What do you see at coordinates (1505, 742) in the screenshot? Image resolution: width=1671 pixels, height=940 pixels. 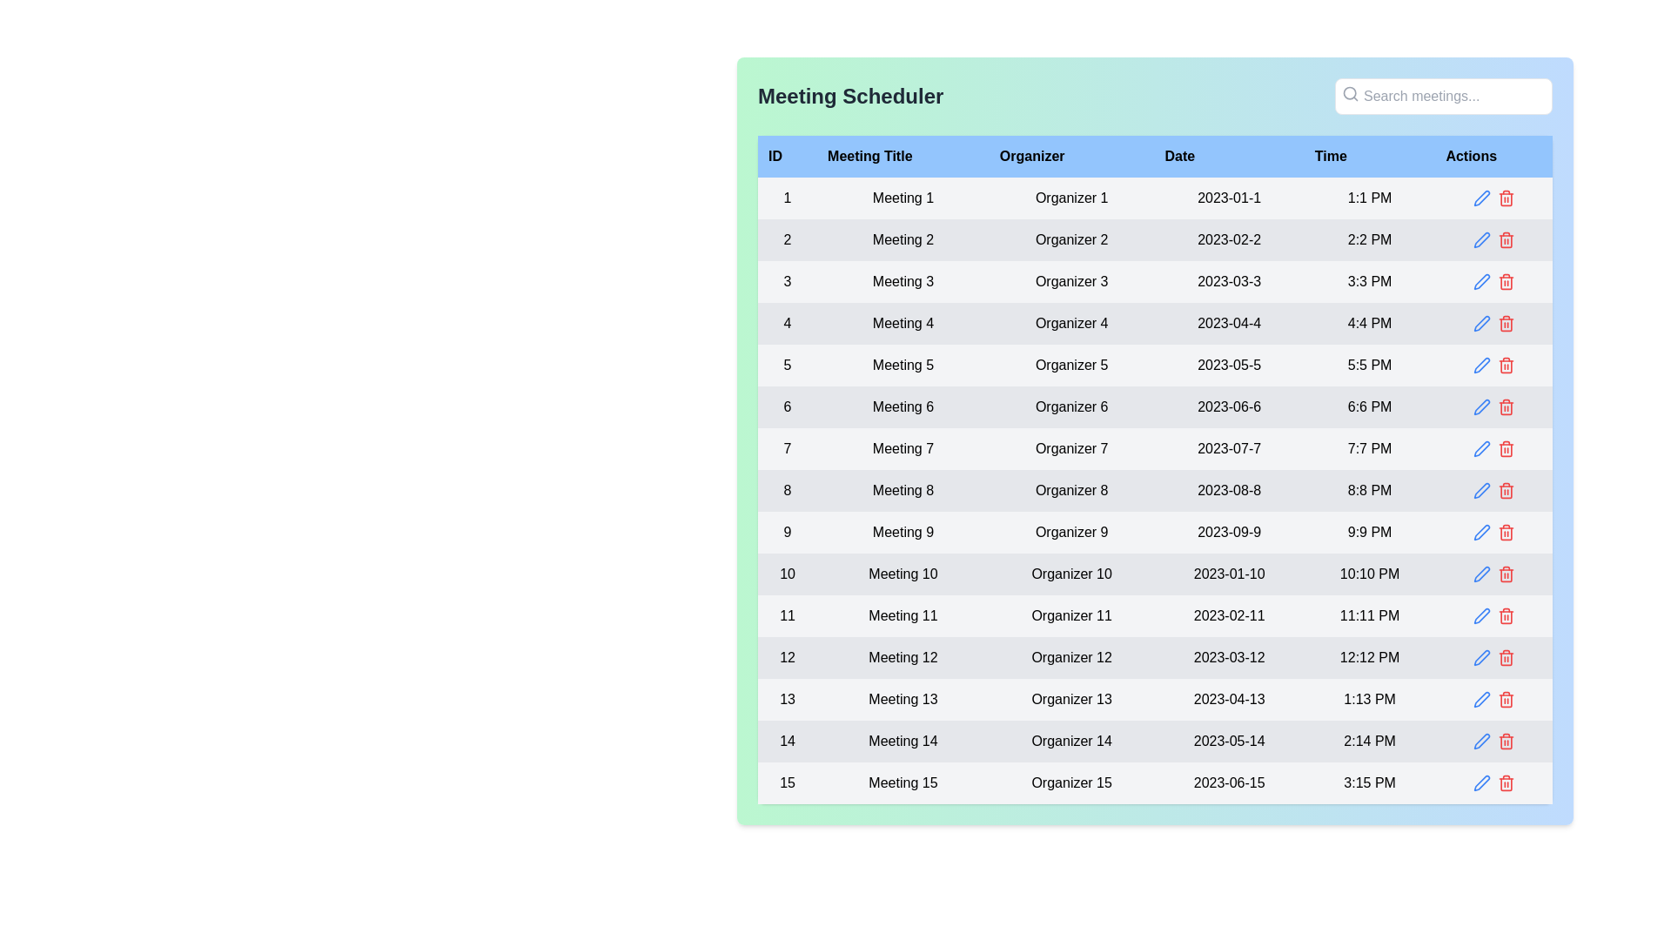 I see `the trash icon in the Actions column of the last row (Row 15)` at bounding box center [1505, 742].